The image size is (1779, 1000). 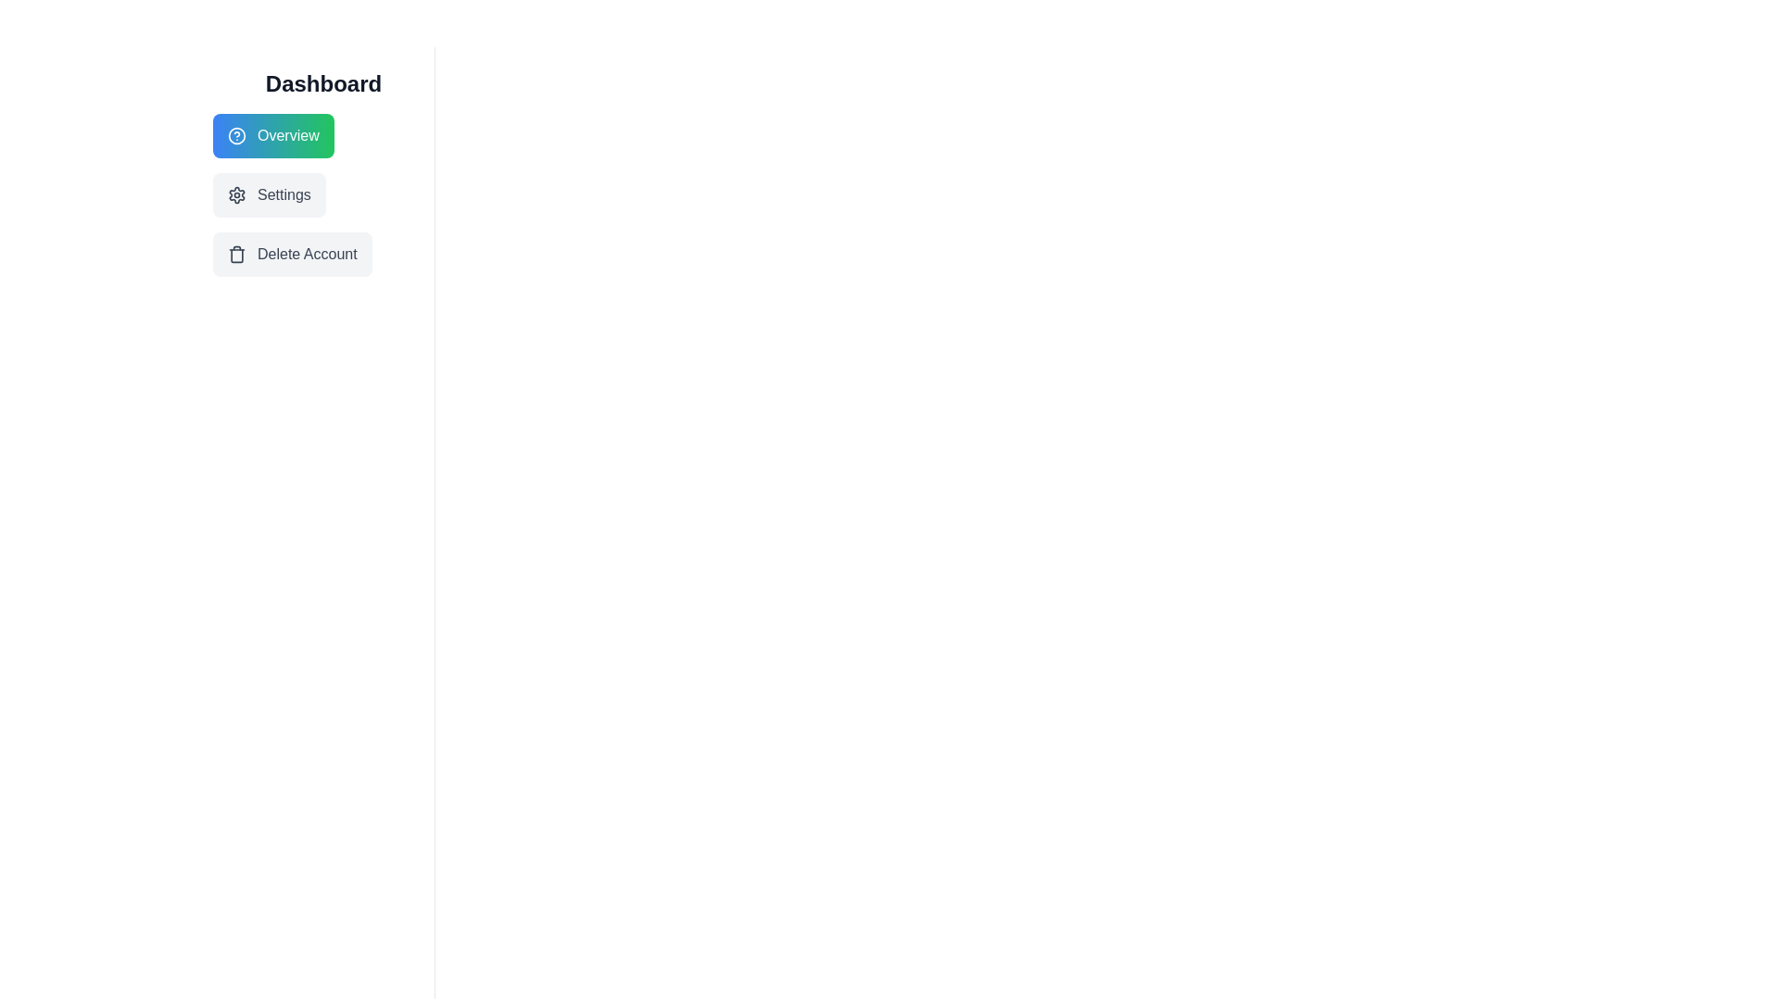 I want to click on the 'Overview' text label within the blue to green gradient button located under the 'Dashboard' header, so click(x=287, y=134).